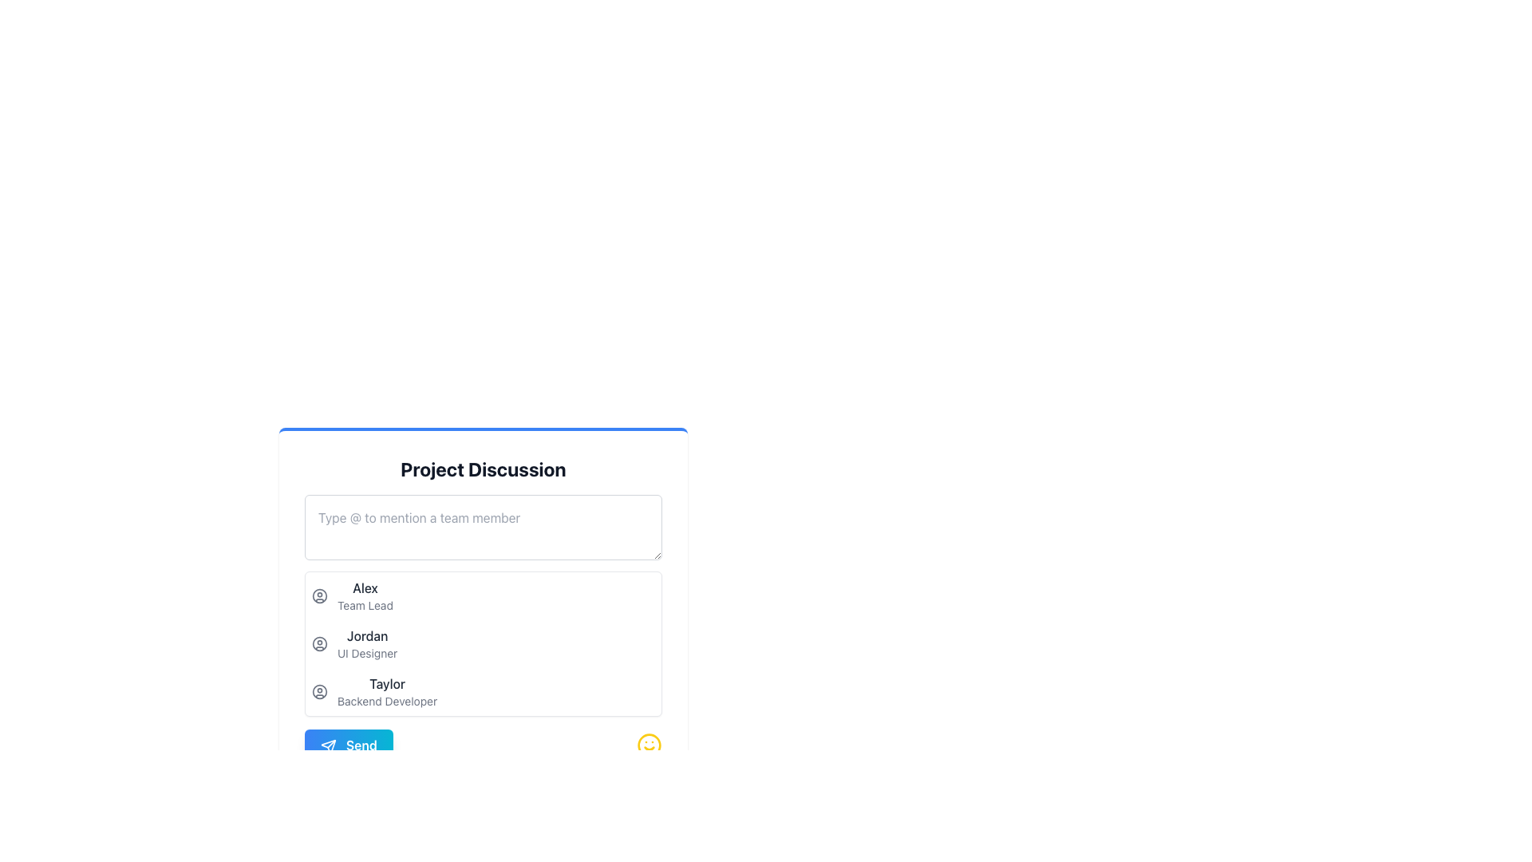 The width and height of the screenshot is (1532, 862). Describe the element at coordinates (364, 587) in the screenshot. I see `the text label displaying 'Alex' in a medium-sized, bold font with a dark gray color, positioned above the designation 'Team Lead'` at that location.